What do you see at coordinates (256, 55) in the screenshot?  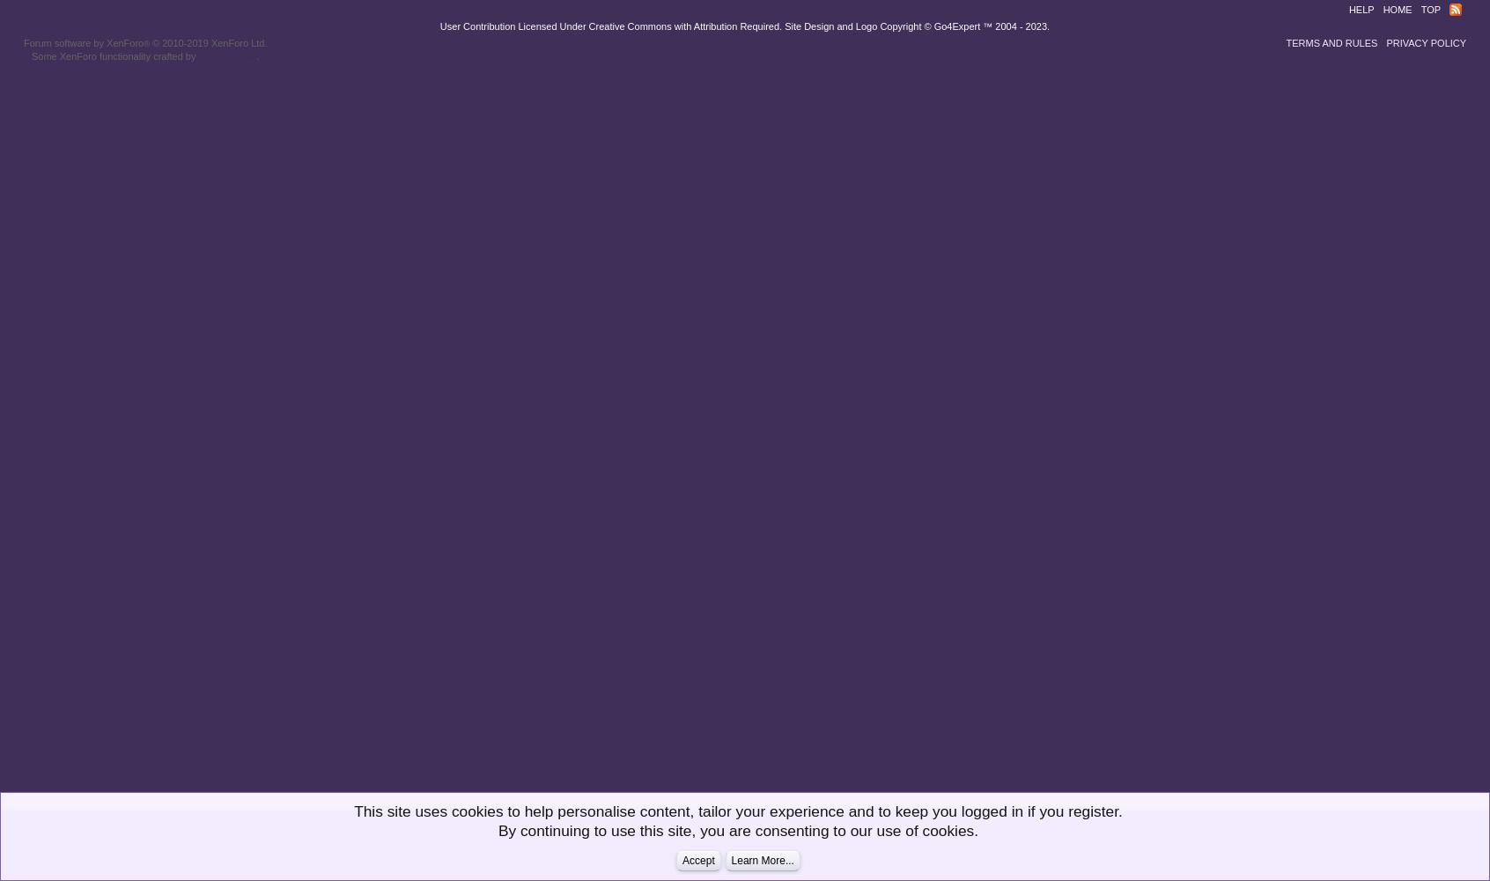 I see `'.'` at bounding box center [256, 55].